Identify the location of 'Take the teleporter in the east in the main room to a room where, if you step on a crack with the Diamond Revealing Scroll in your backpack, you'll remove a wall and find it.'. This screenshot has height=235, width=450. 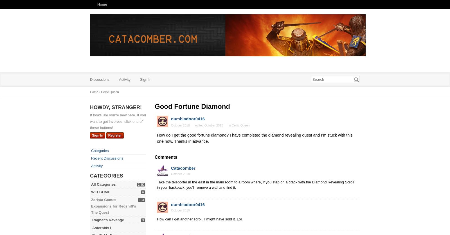
(157, 184).